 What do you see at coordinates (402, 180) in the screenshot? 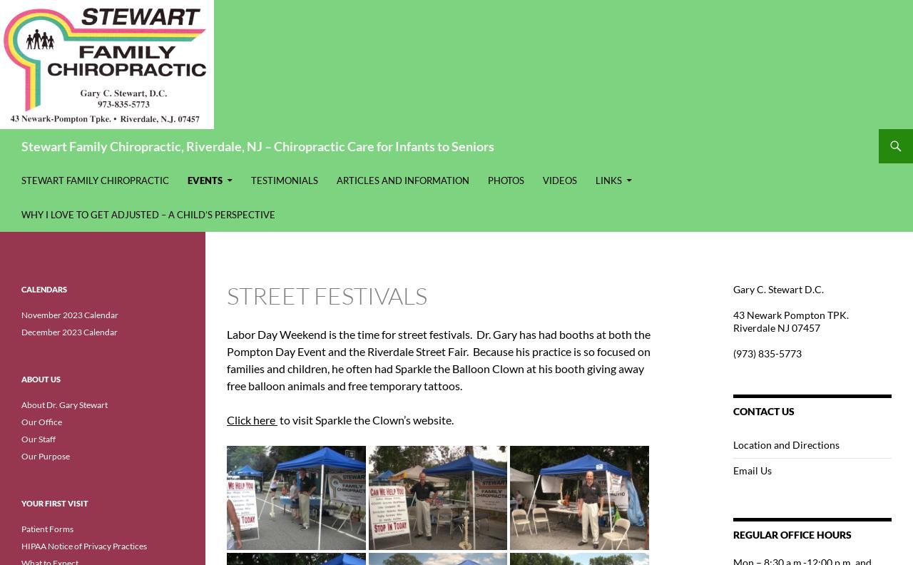
I see `'Articles and Information'` at bounding box center [402, 180].